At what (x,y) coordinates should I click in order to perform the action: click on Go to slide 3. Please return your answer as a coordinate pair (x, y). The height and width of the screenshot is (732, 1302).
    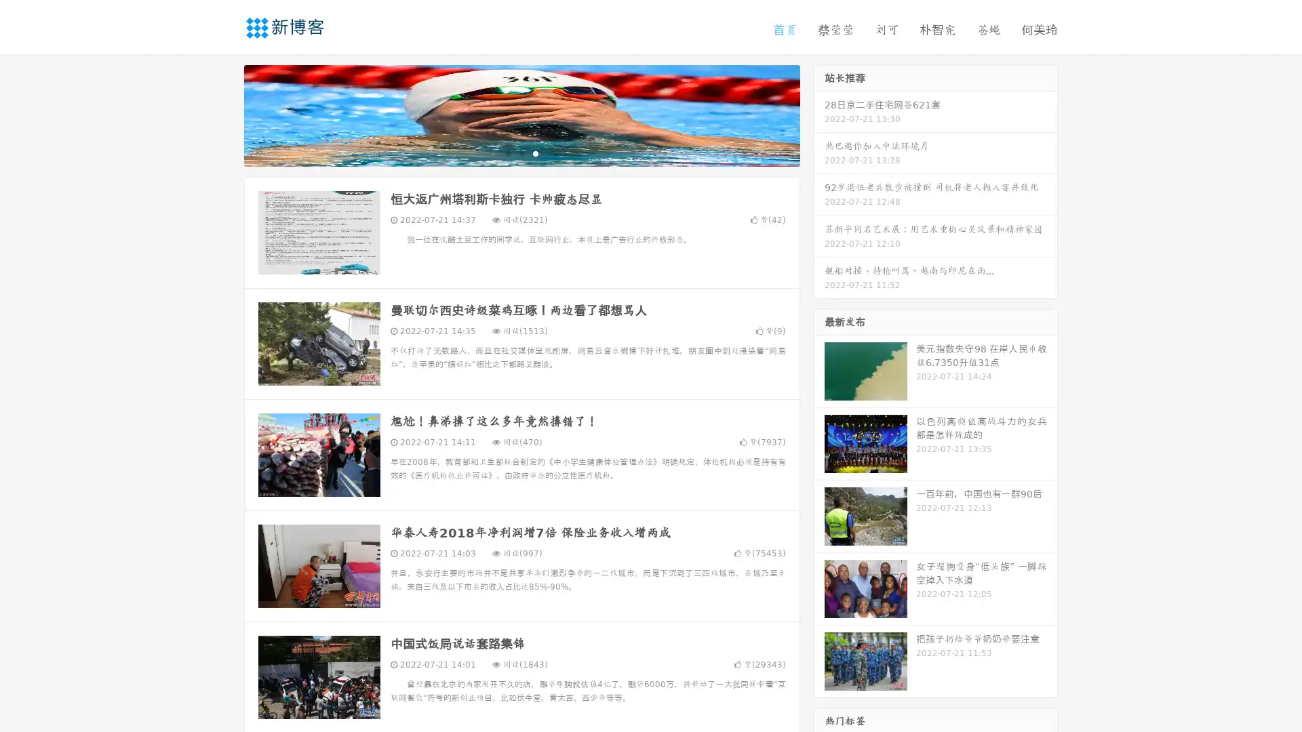
    Looking at the image, I should click on (535, 152).